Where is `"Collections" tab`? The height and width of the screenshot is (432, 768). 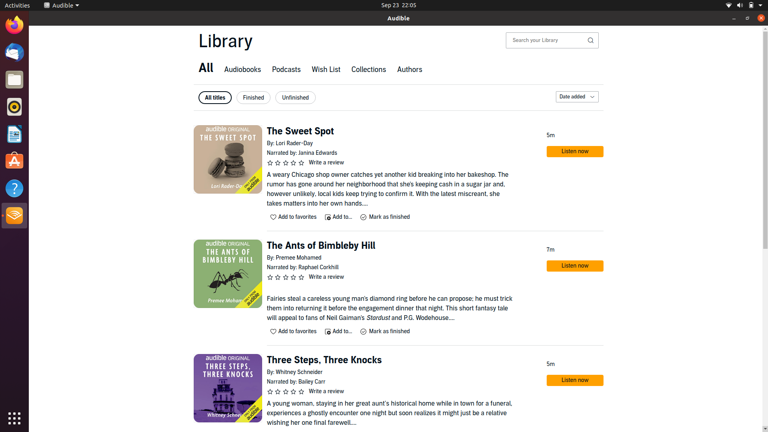
"Collections" tab is located at coordinates (368, 70).